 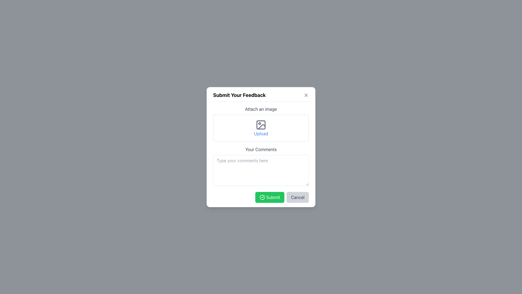 I want to click on the bold, black static text header that reads 'Submit Your Feedback', prominently displayed at the top of the form, so click(x=239, y=95).